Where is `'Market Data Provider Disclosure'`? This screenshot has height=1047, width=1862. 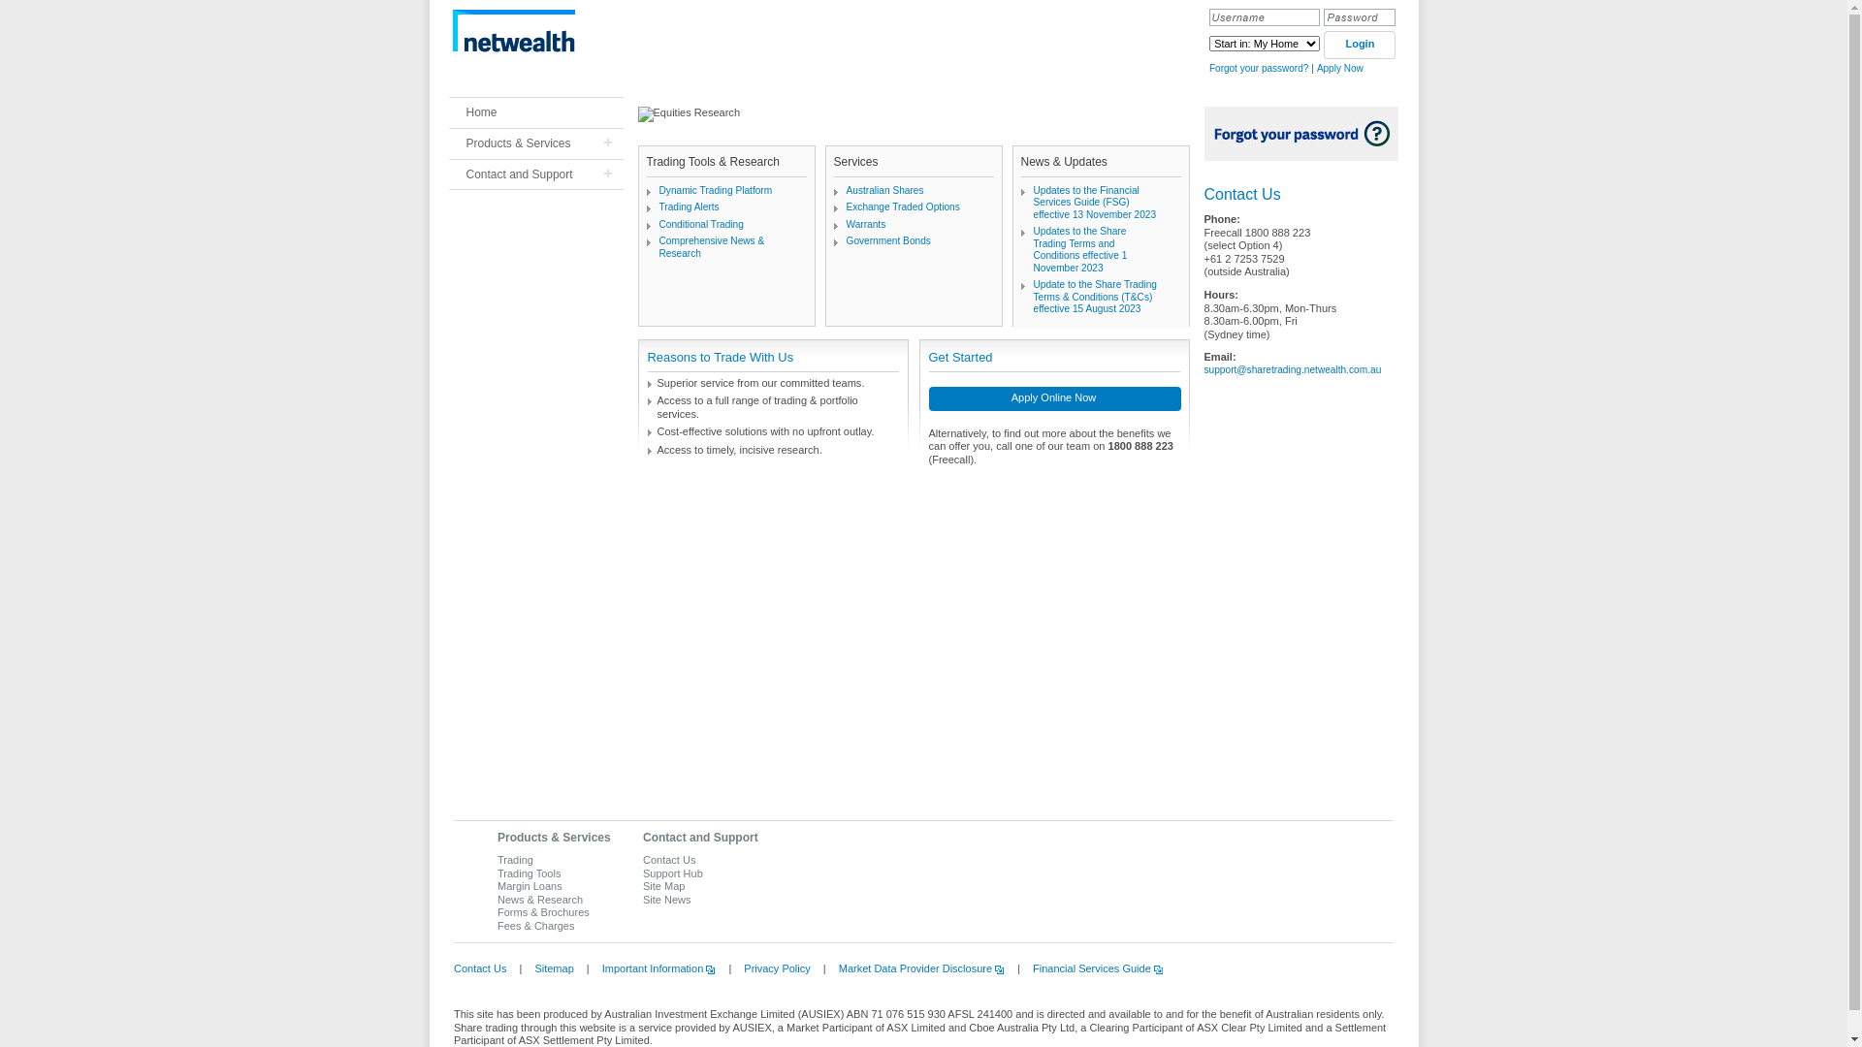
'Market Data Provider Disclosure' is located at coordinates (915, 968).